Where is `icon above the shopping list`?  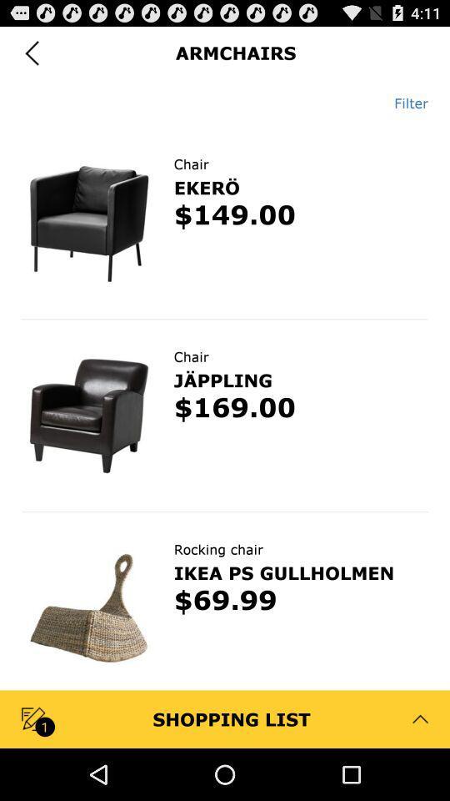
icon above the shopping list is located at coordinates (225, 601).